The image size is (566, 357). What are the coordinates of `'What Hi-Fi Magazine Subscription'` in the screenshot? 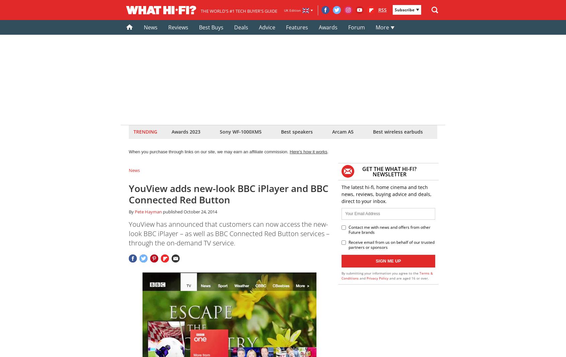 It's located at (232, 43).